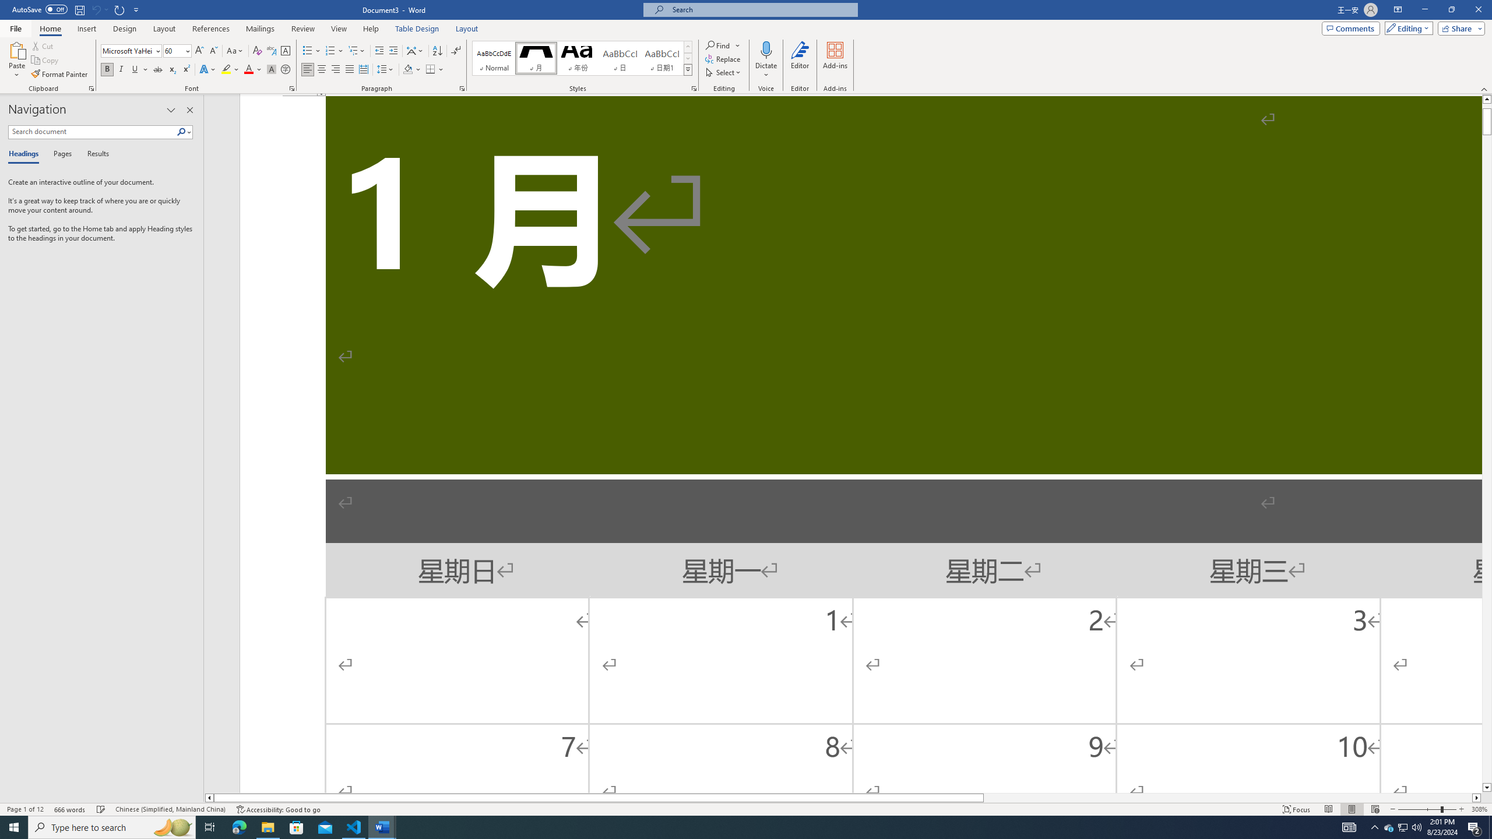  Describe the element at coordinates (119, 9) in the screenshot. I see `'Repeat Doc Close'` at that location.